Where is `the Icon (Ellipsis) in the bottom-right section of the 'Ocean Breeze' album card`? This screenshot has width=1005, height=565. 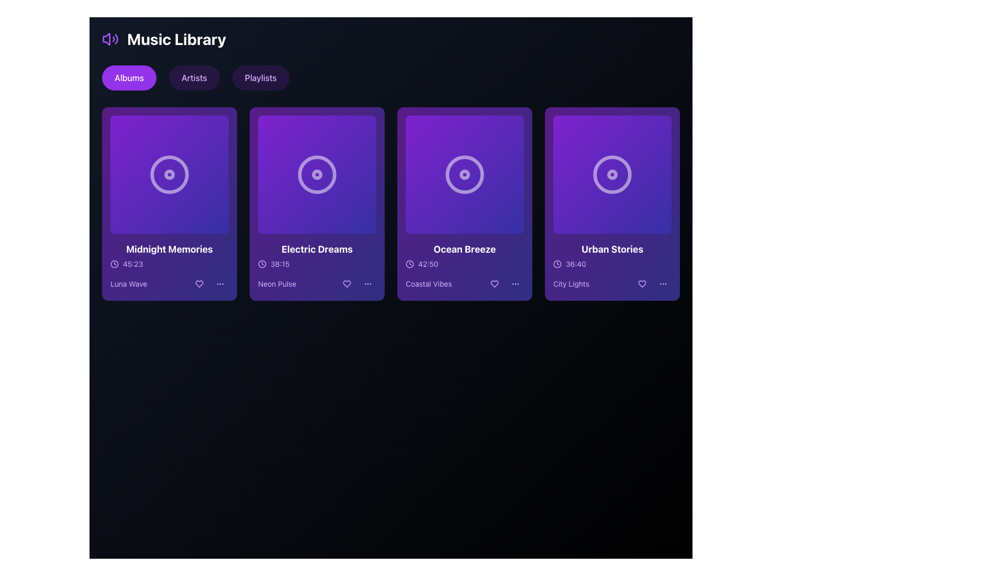 the Icon (Ellipsis) in the bottom-right section of the 'Ocean Breeze' album card is located at coordinates (515, 284).